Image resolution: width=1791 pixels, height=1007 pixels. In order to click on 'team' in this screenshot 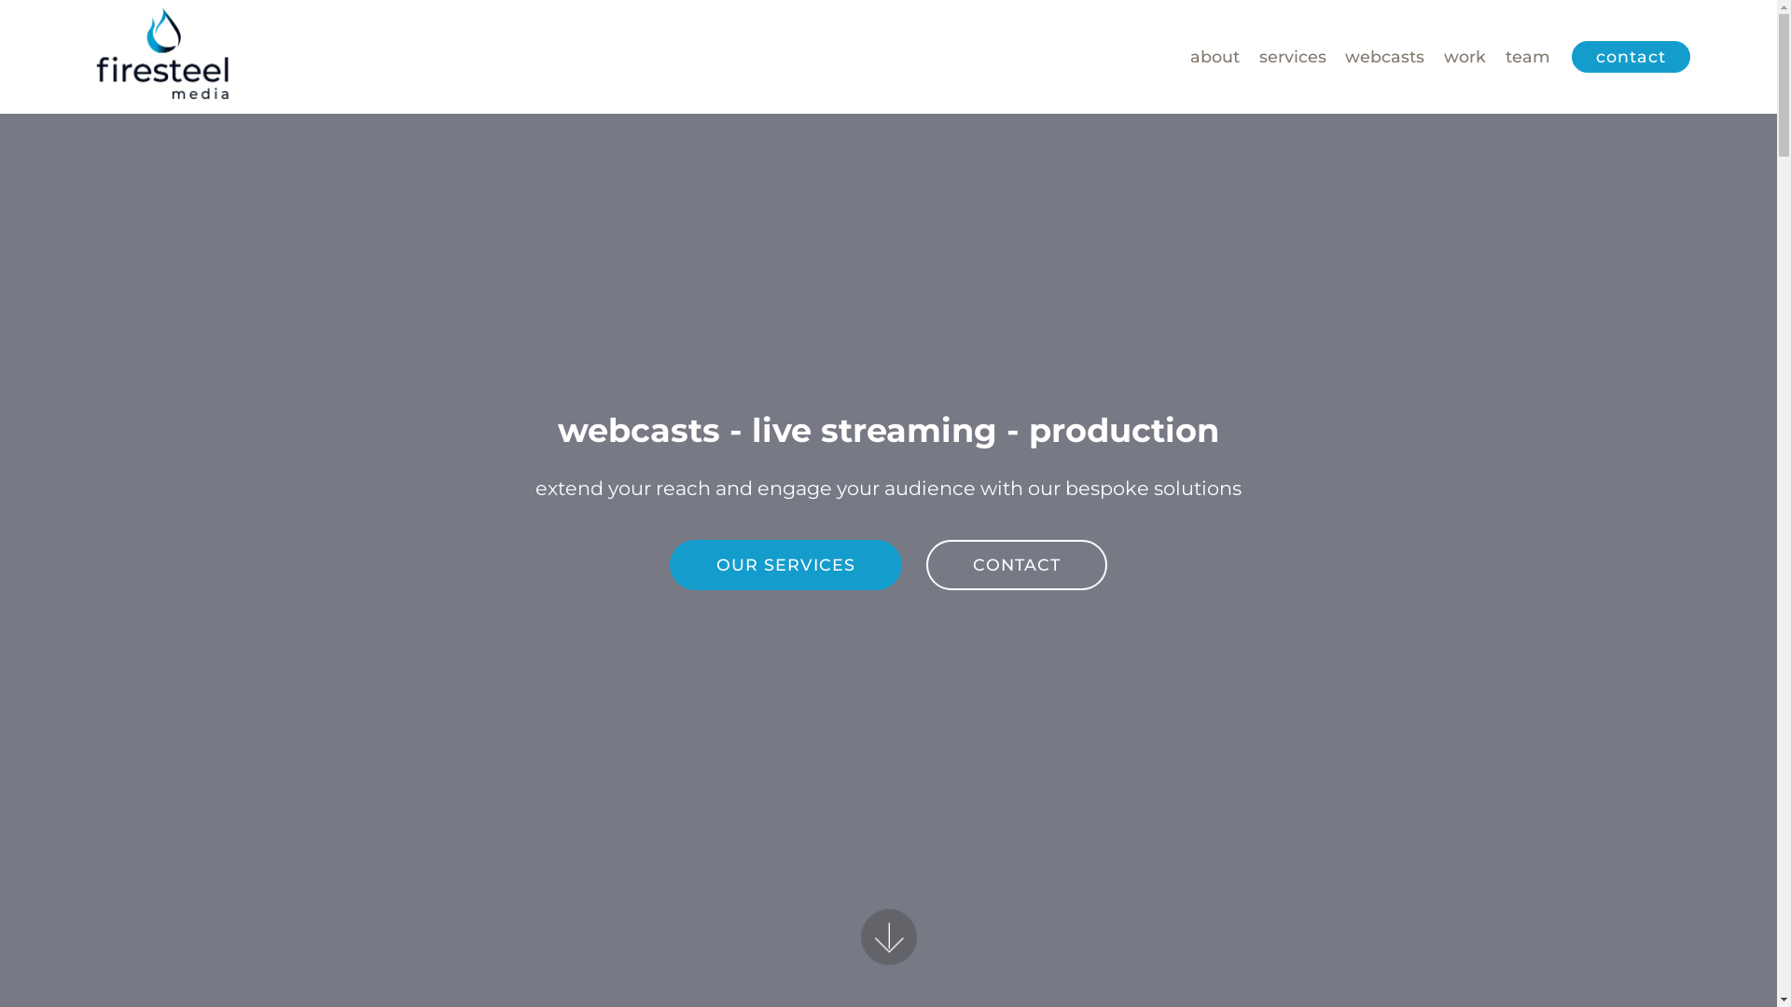, I will do `click(1527, 56)`.